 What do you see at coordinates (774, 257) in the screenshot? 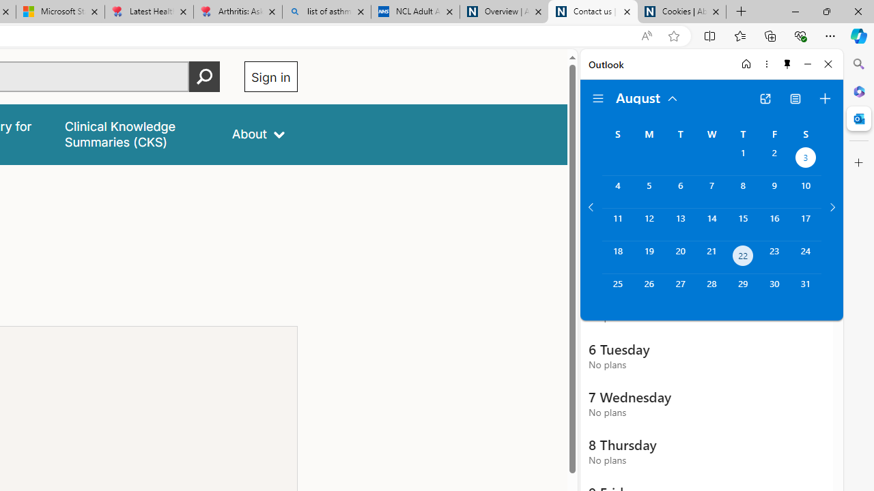
I see `'Friday, August 23, 2024. '` at bounding box center [774, 257].